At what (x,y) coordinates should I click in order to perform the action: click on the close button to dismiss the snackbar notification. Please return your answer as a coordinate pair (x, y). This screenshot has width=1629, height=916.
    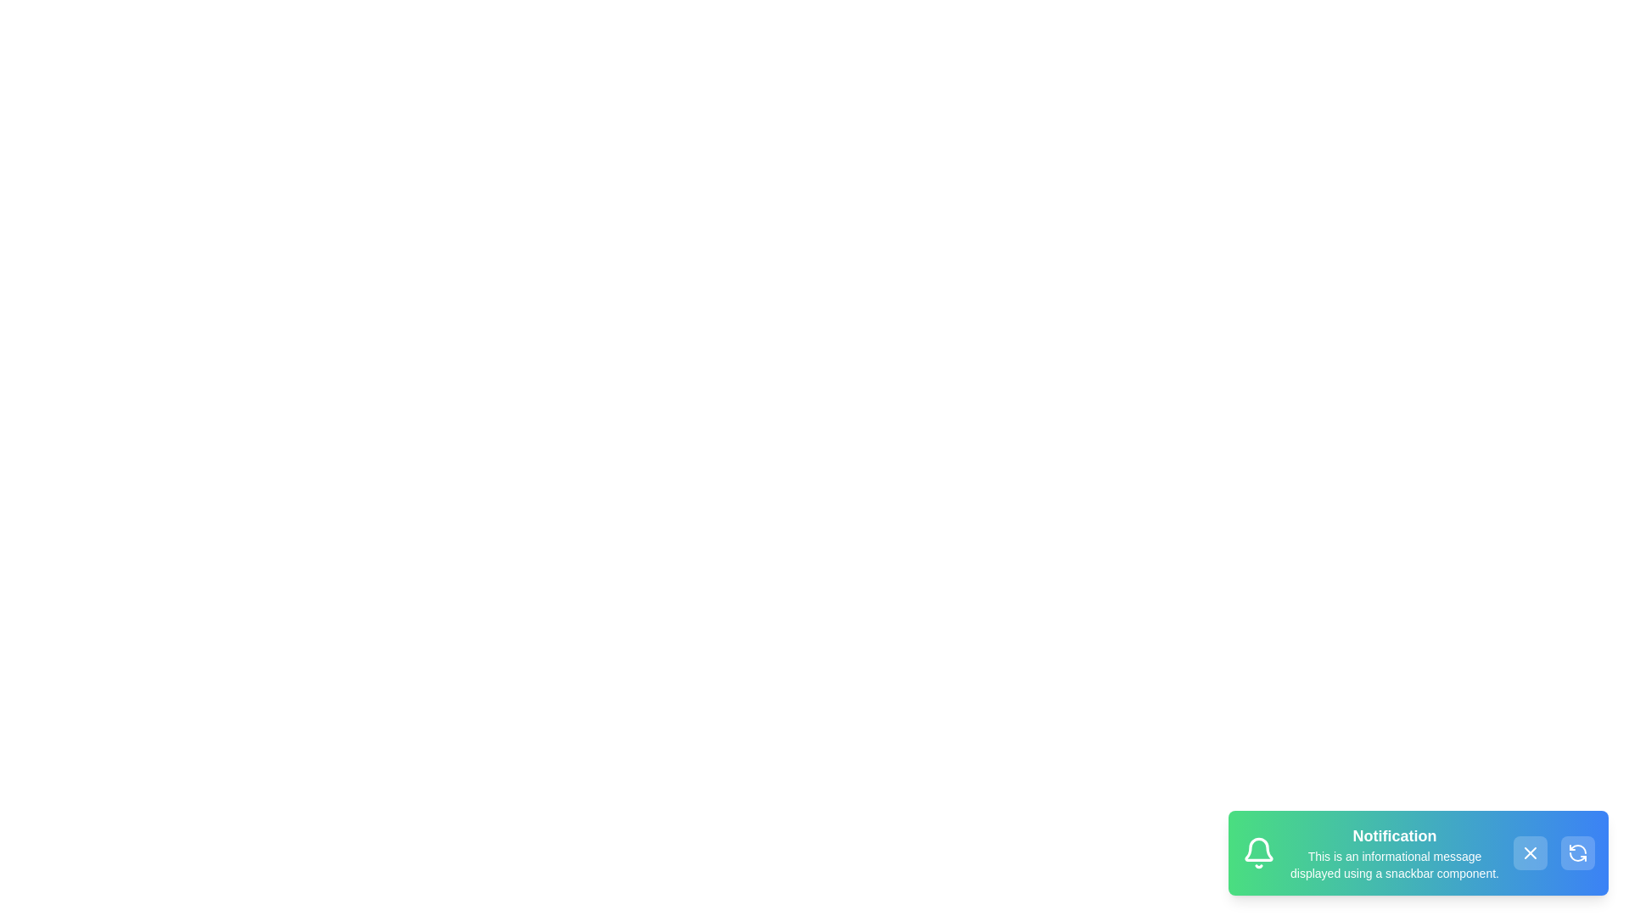
    Looking at the image, I should click on (1531, 853).